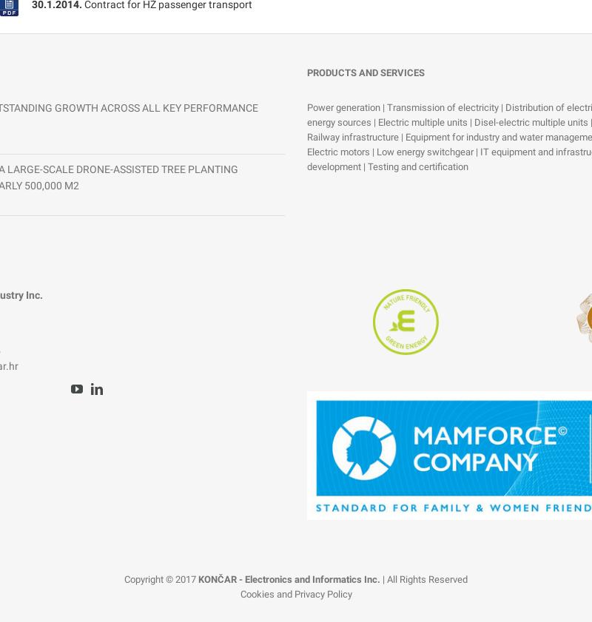  What do you see at coordinates (337, 151) in the screenshot?
I see `'Electric motors'` at bounding box center [337, 151].